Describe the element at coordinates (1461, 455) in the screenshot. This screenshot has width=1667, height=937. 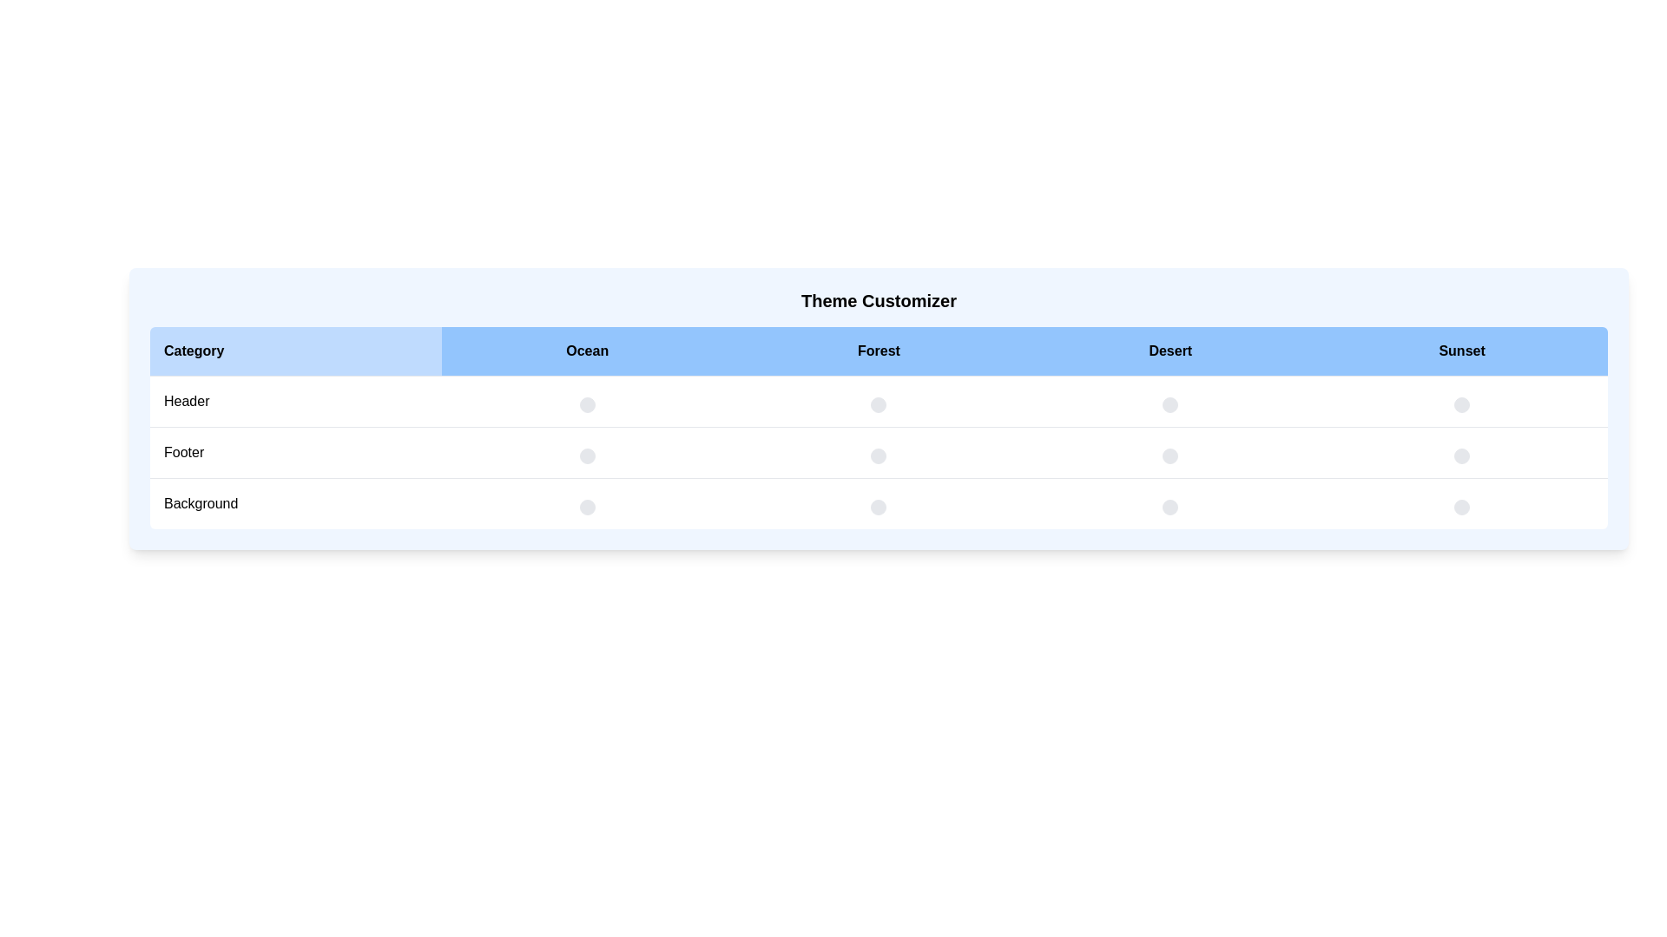
I see `the button in the 'Sunset' category of the 'Background' row` at that location.